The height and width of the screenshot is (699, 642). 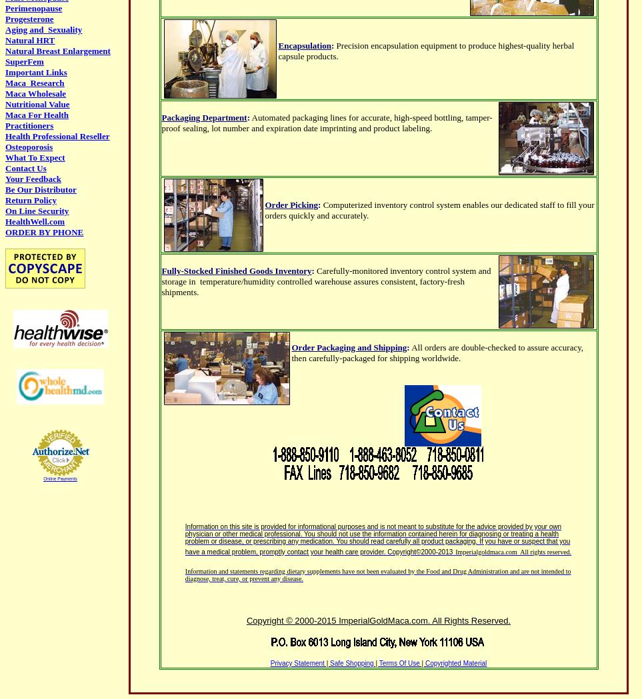 What do you see at coordinates (35, 83) in the screenshot?
I see `'Maca  Research'` at bounding box center [35, 83].